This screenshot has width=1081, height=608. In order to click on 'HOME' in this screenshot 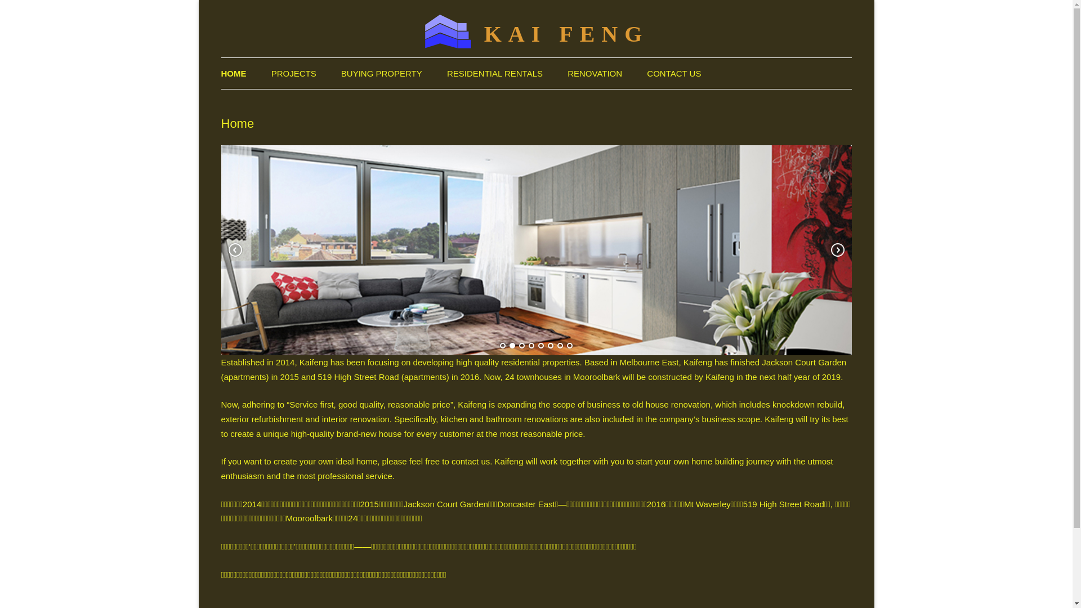, I will do `click(221, 73)`.